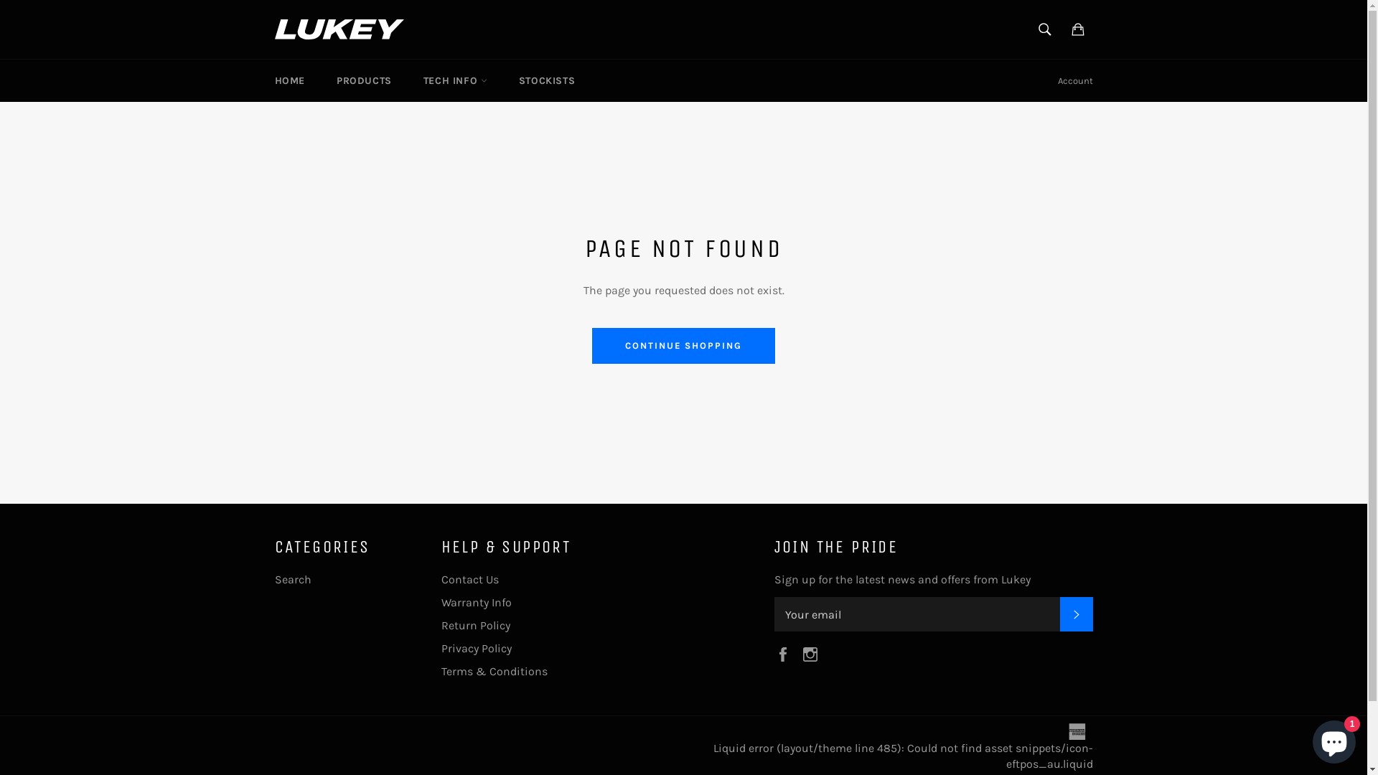 The image size is (1378, 775). Describe the element at coordinates (1044, 29) in the screenshot. I see `'Search'` at that location.